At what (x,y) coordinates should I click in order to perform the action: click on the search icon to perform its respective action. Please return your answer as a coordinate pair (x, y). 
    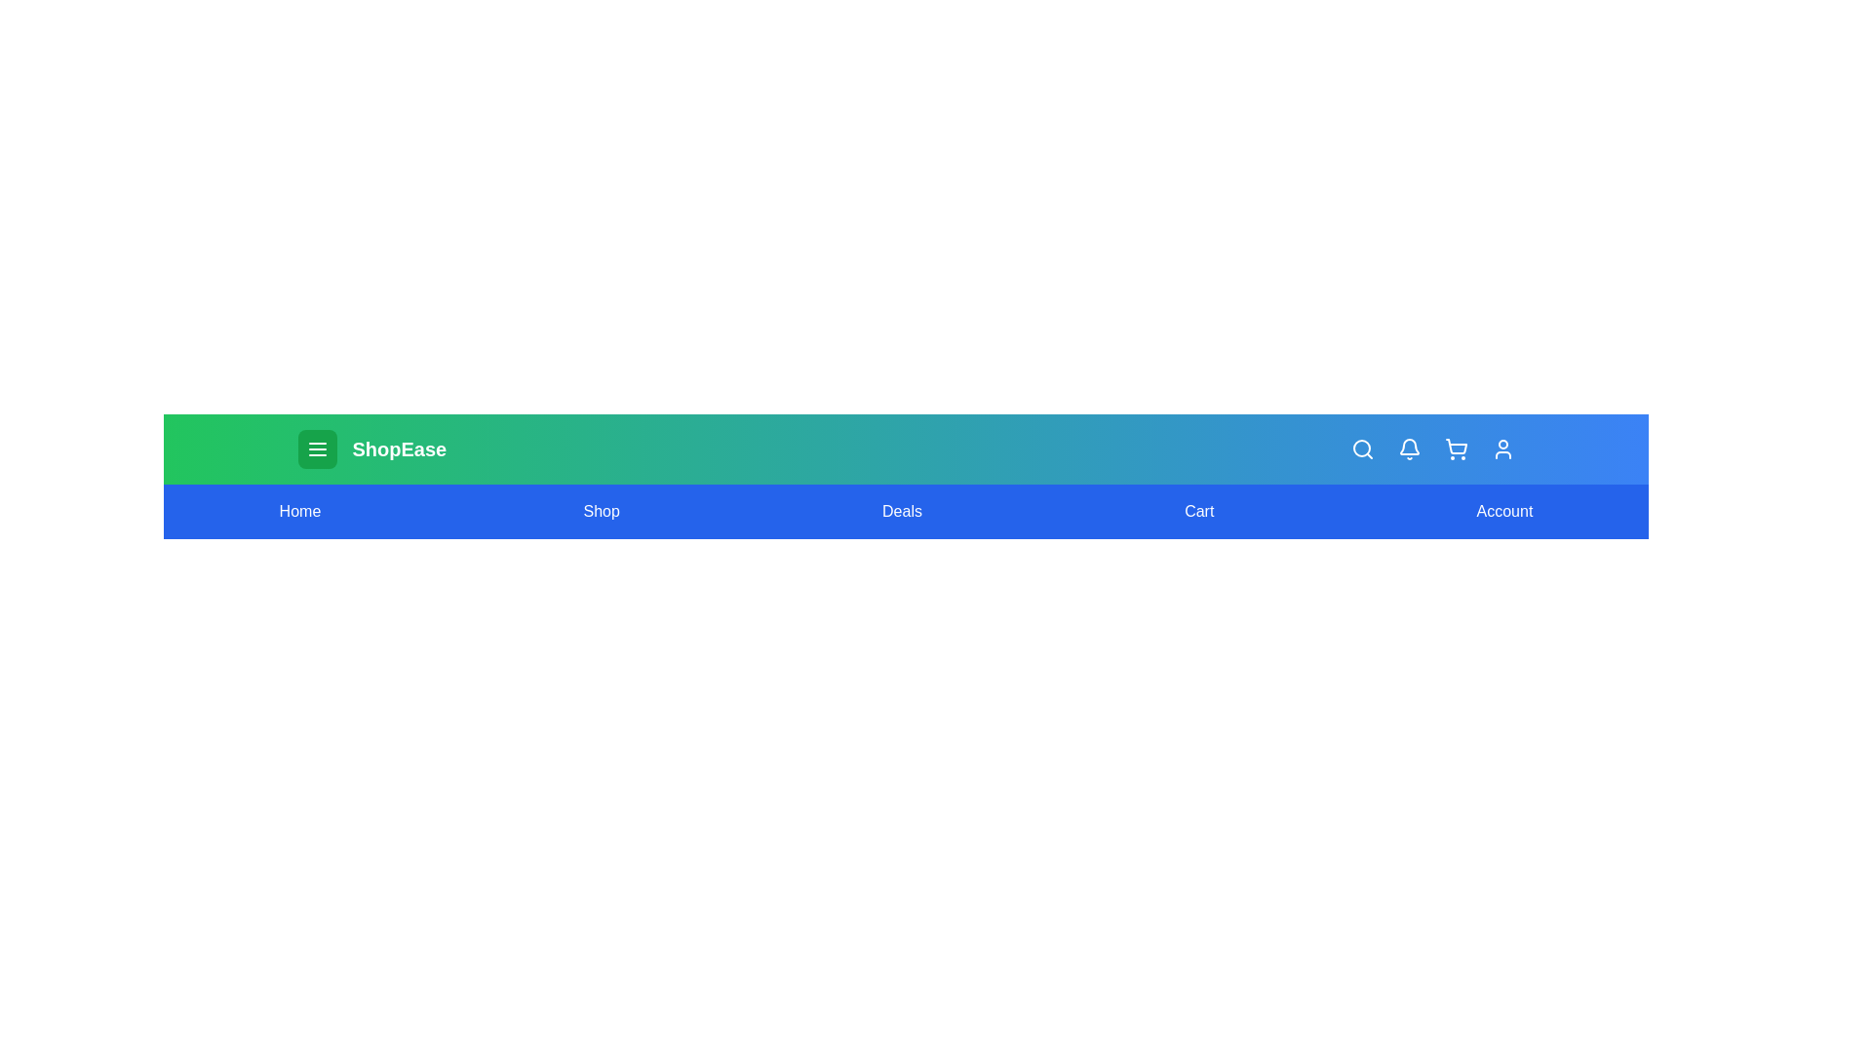
    Looking at the image, I should click on (1361, 449).